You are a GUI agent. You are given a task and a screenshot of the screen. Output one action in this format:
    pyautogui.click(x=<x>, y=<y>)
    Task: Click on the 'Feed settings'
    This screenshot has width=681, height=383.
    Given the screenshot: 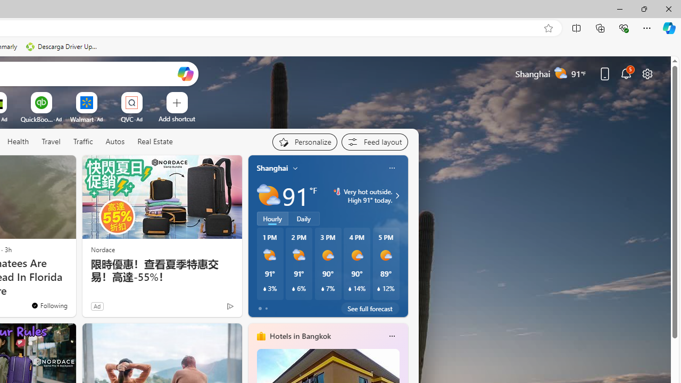 What is the action you would take?
    pyautogui.click(x=375, y=141)
    